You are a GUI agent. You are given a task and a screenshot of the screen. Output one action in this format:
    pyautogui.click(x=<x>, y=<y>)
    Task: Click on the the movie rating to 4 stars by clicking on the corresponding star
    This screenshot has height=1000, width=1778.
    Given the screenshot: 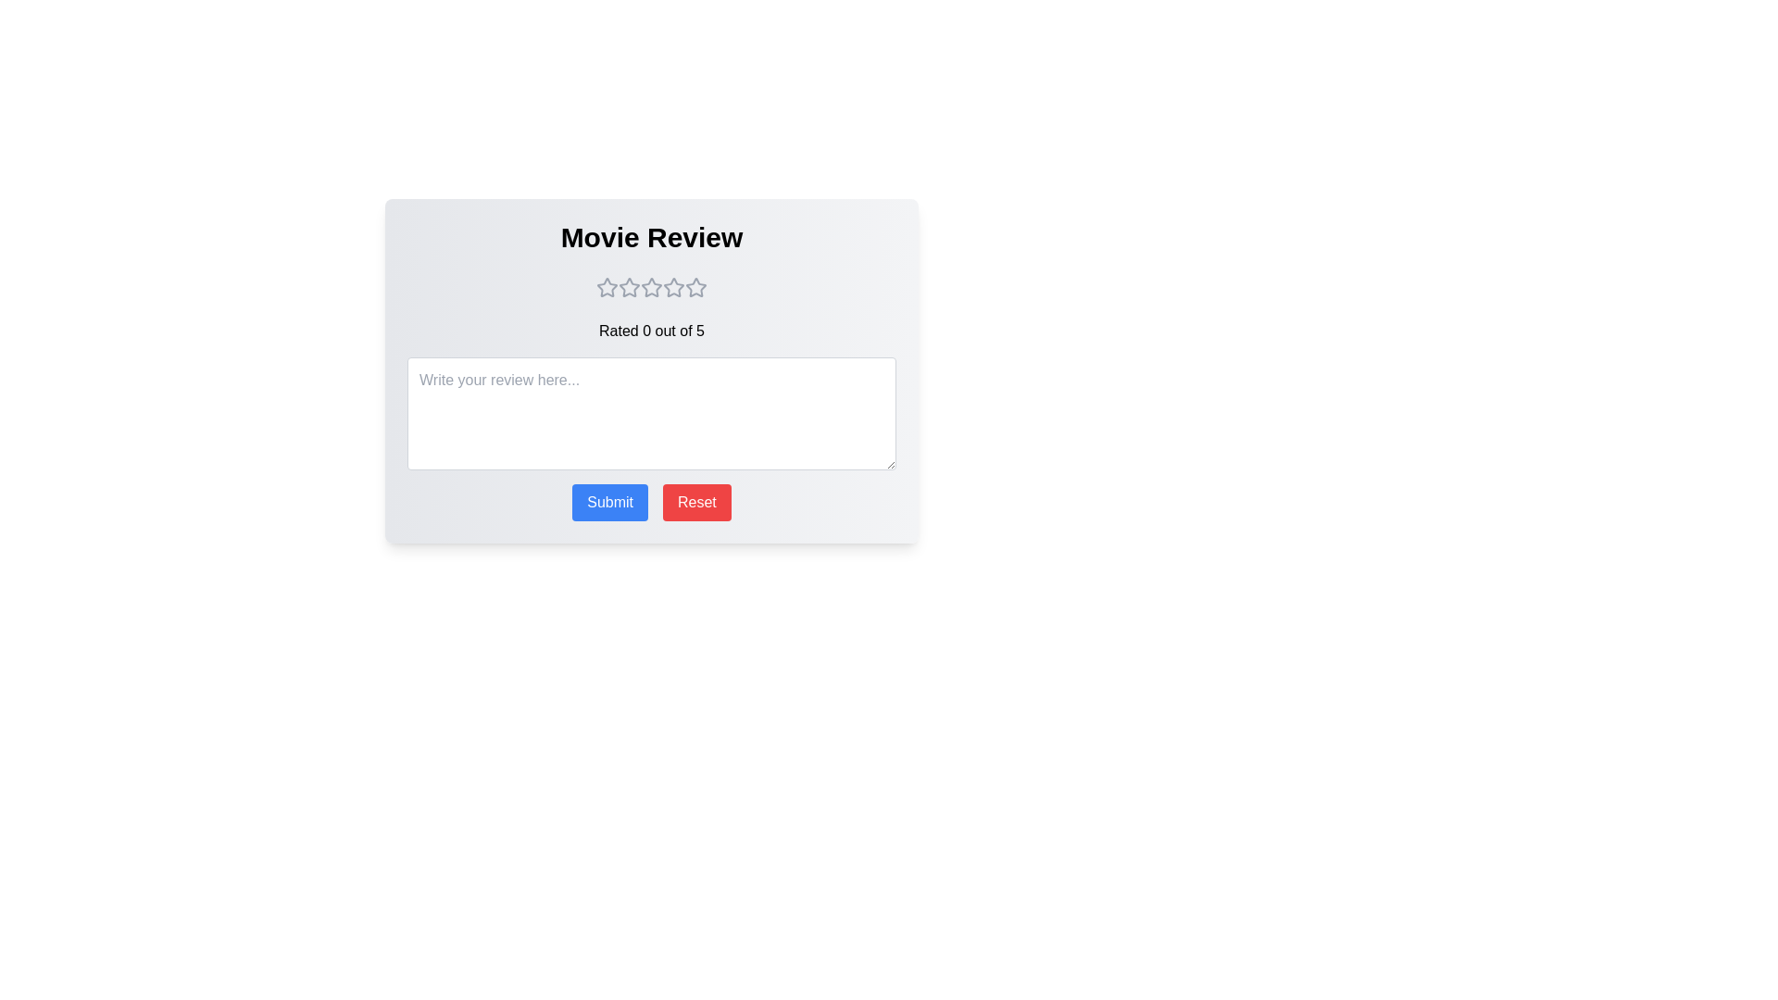 What is the action you would take?
    pyautogui.click(x=673, y=288)
    